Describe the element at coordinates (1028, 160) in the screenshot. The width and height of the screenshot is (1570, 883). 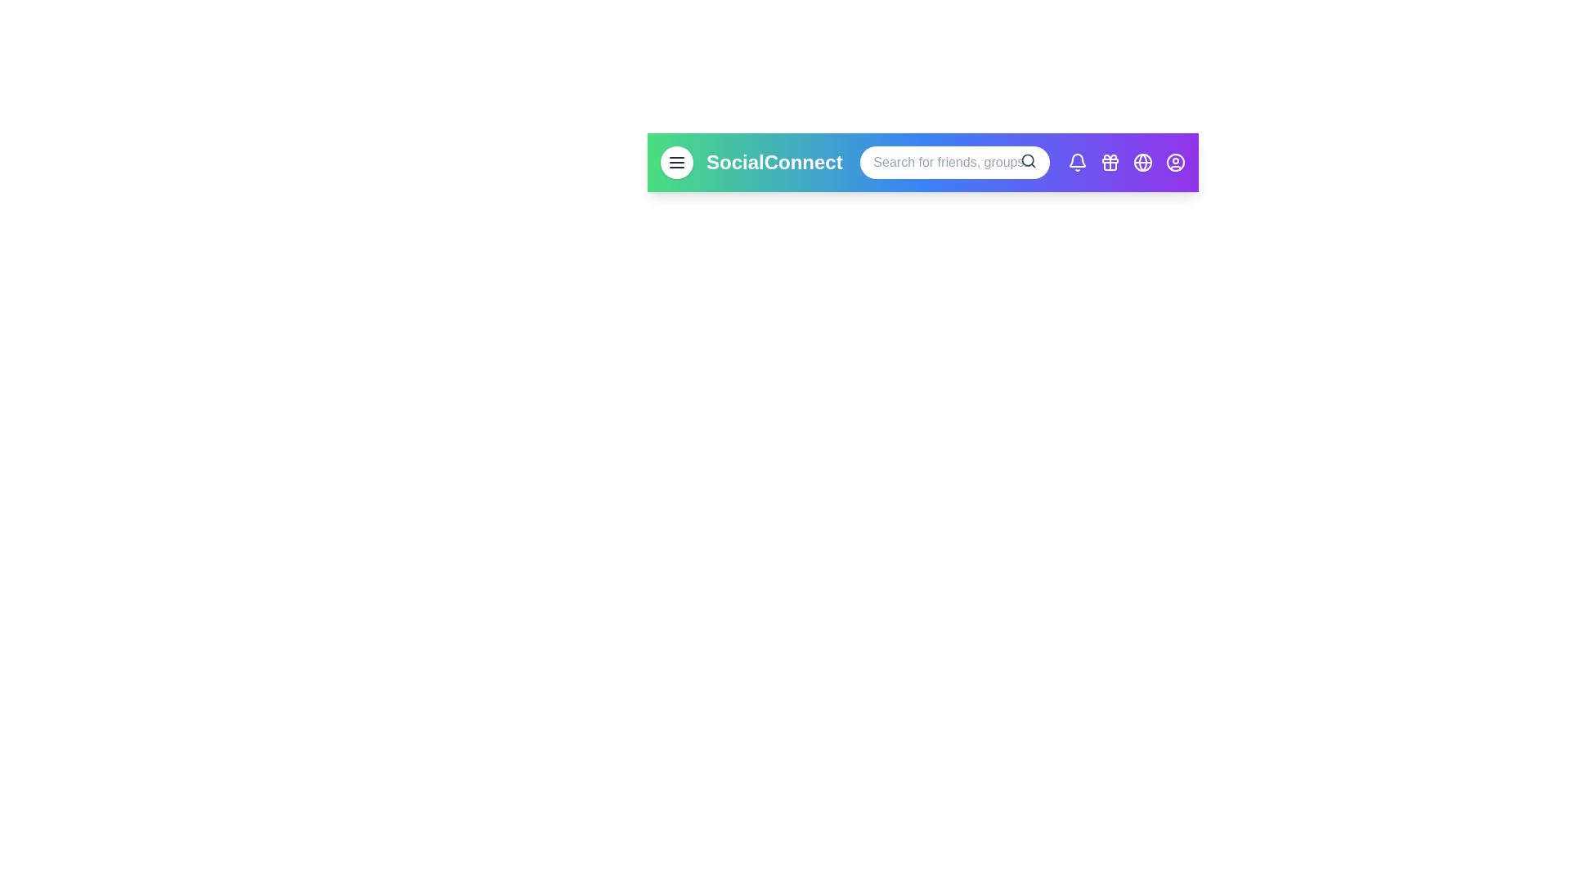
I see `the search icon in the app bar` at that location.